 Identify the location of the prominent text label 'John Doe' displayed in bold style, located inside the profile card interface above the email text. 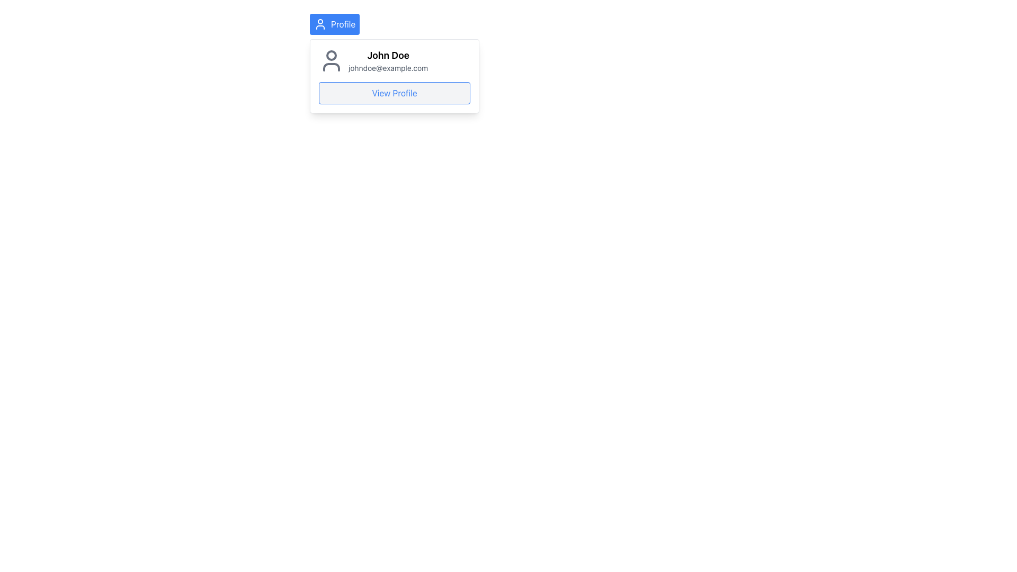
(388, 55).